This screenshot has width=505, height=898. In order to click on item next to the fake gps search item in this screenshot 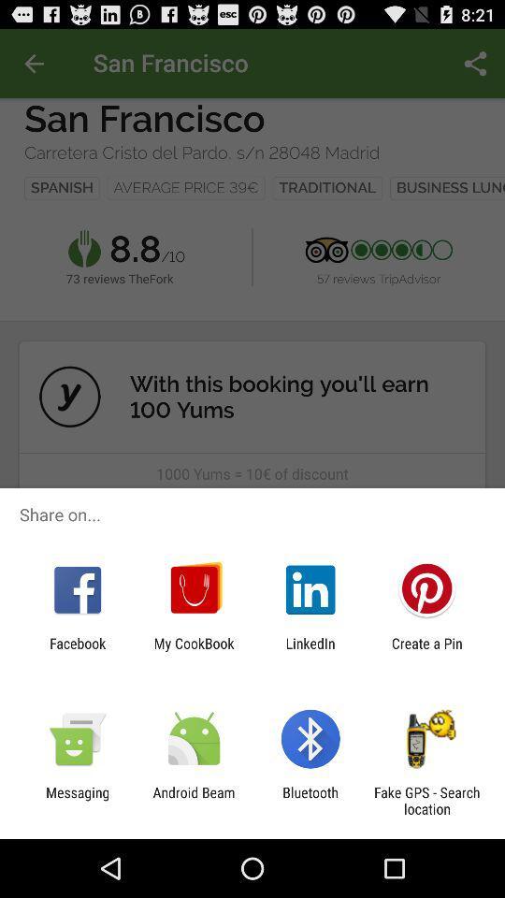, I will do `click(310, 800)`.